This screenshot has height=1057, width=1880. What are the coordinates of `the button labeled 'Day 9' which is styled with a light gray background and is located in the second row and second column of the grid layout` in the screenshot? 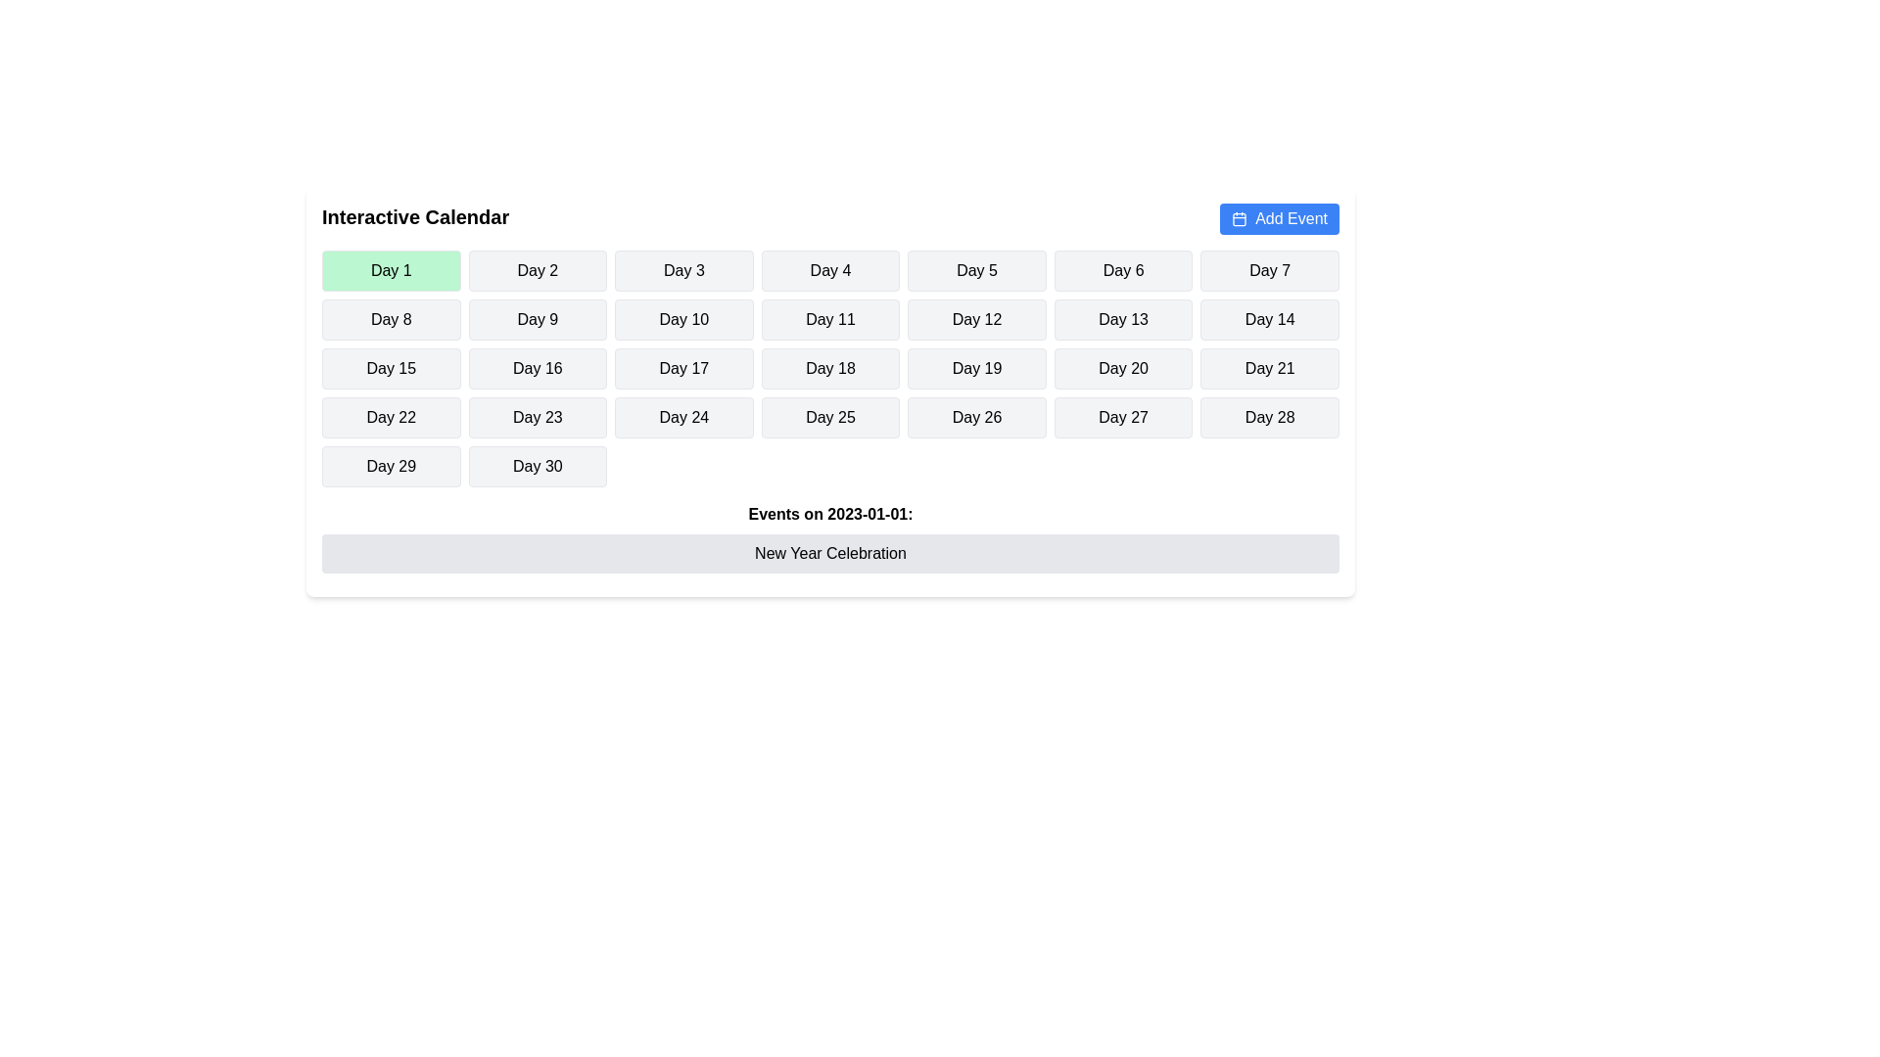 It's located at (538, 319).